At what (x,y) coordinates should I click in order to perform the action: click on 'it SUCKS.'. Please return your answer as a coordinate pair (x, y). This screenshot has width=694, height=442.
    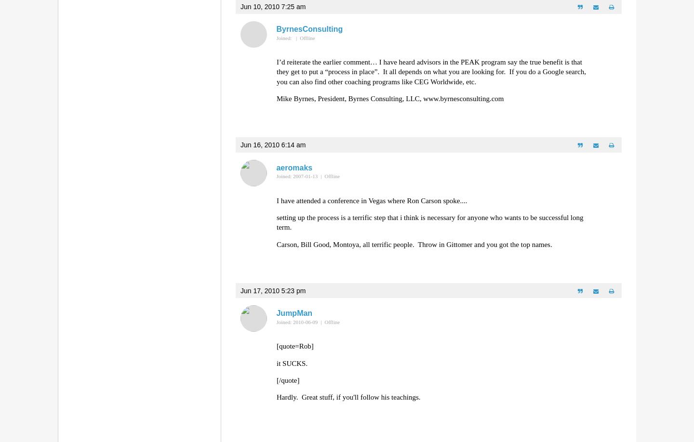
    Looking at the image, I should click on (276, 363).